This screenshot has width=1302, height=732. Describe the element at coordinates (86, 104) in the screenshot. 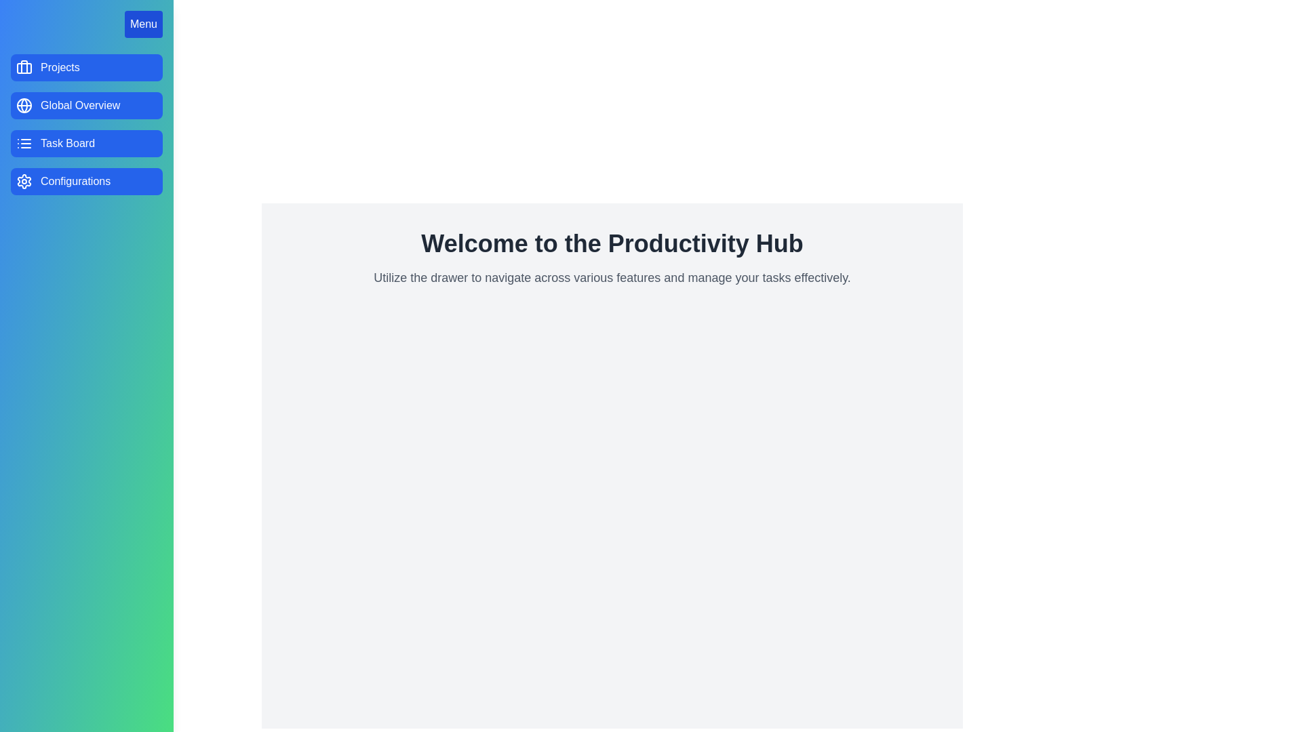

I see `the menu option Global Overview in the drawer` at that location.